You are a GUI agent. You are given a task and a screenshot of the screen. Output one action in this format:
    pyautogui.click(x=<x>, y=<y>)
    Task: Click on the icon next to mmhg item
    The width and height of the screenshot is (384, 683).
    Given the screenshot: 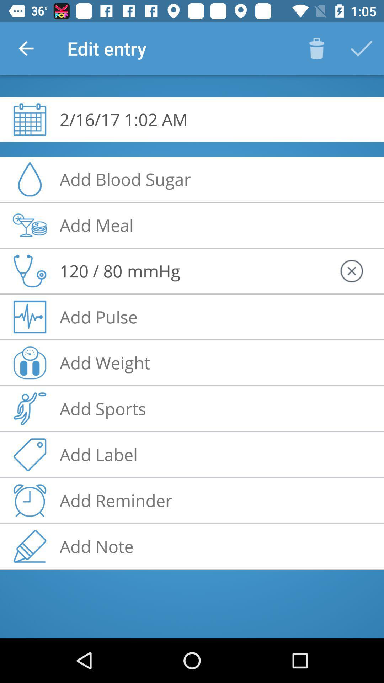 What is the action you would take?
    pyautogui.click(x=351, y=271)
    